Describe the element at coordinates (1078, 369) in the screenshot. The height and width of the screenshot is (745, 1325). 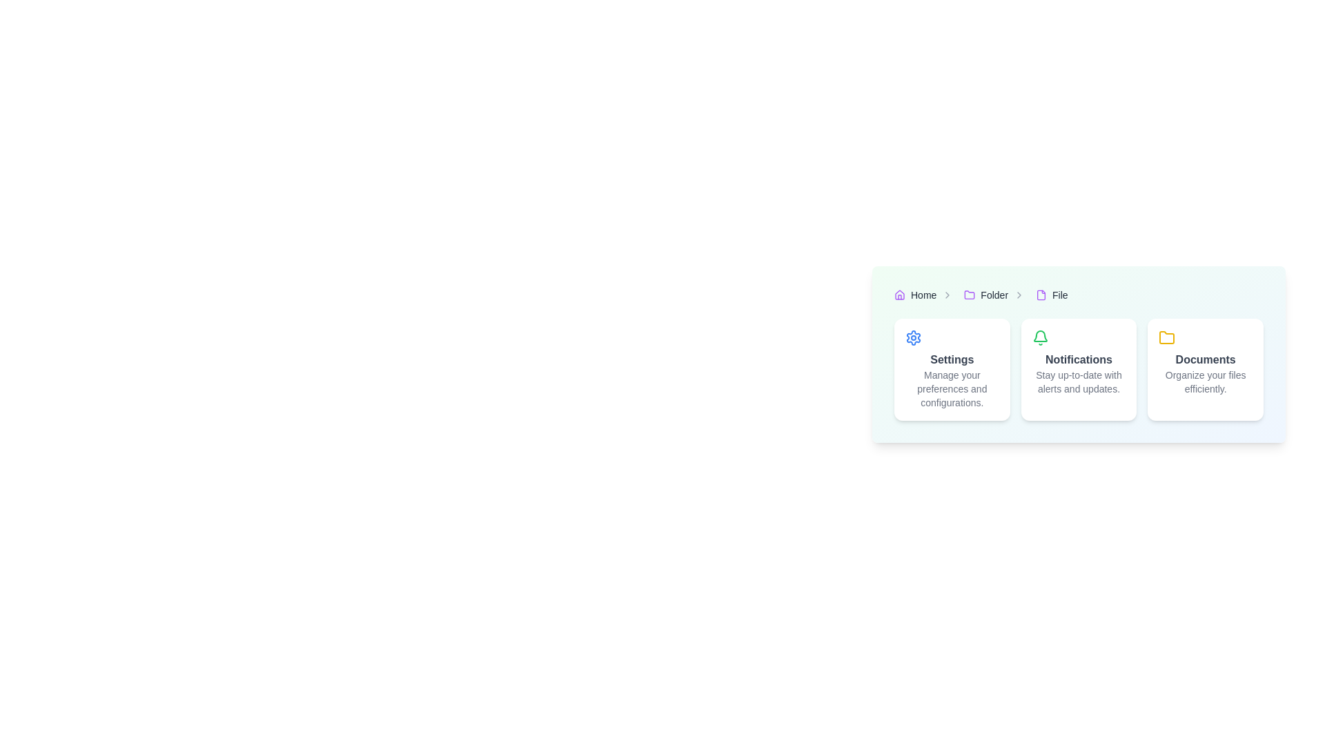
I see `the notifications tile which has a white background, a green bell icon at the top, bold text 'Notifications', and smaller text 'Stay up-to-date with alerts and updates.'` at that location.